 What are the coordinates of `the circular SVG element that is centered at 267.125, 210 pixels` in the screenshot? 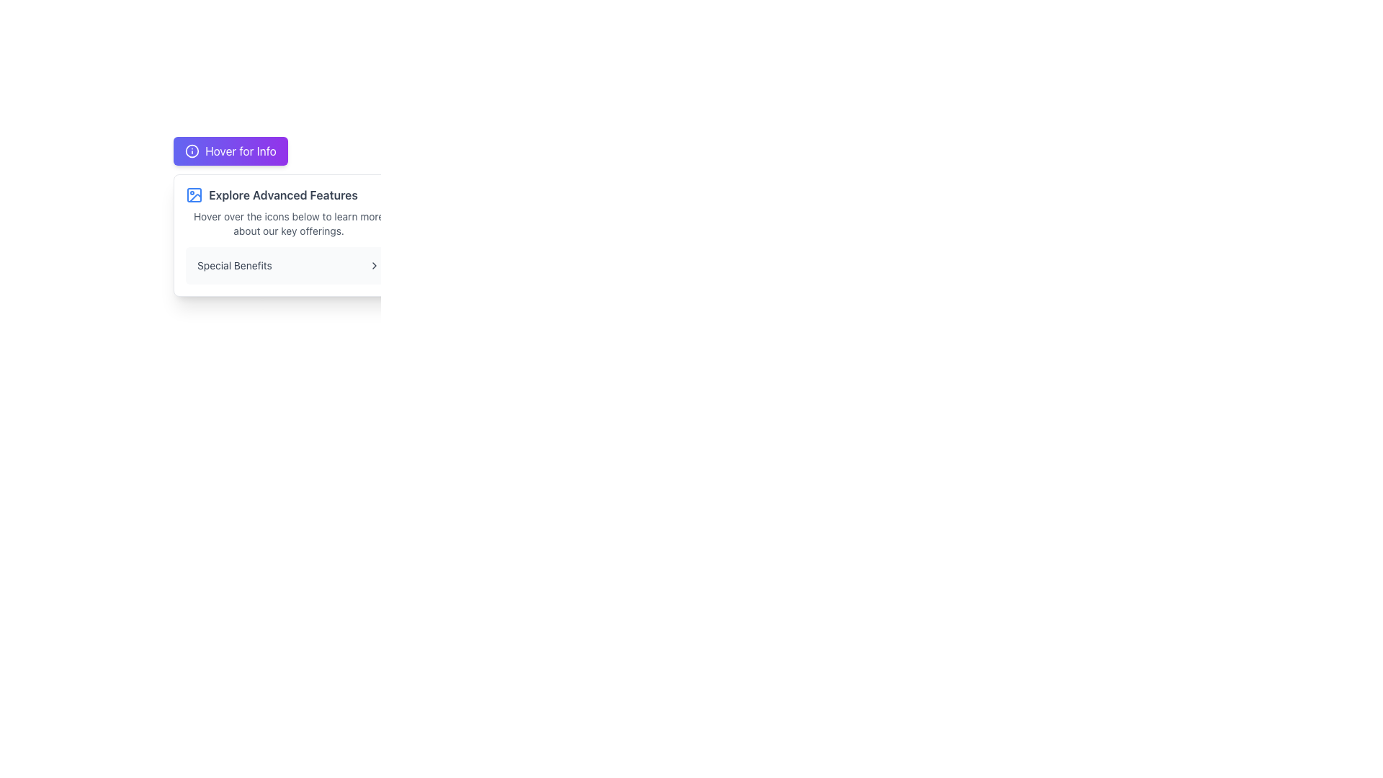 It's located at (192, 151).